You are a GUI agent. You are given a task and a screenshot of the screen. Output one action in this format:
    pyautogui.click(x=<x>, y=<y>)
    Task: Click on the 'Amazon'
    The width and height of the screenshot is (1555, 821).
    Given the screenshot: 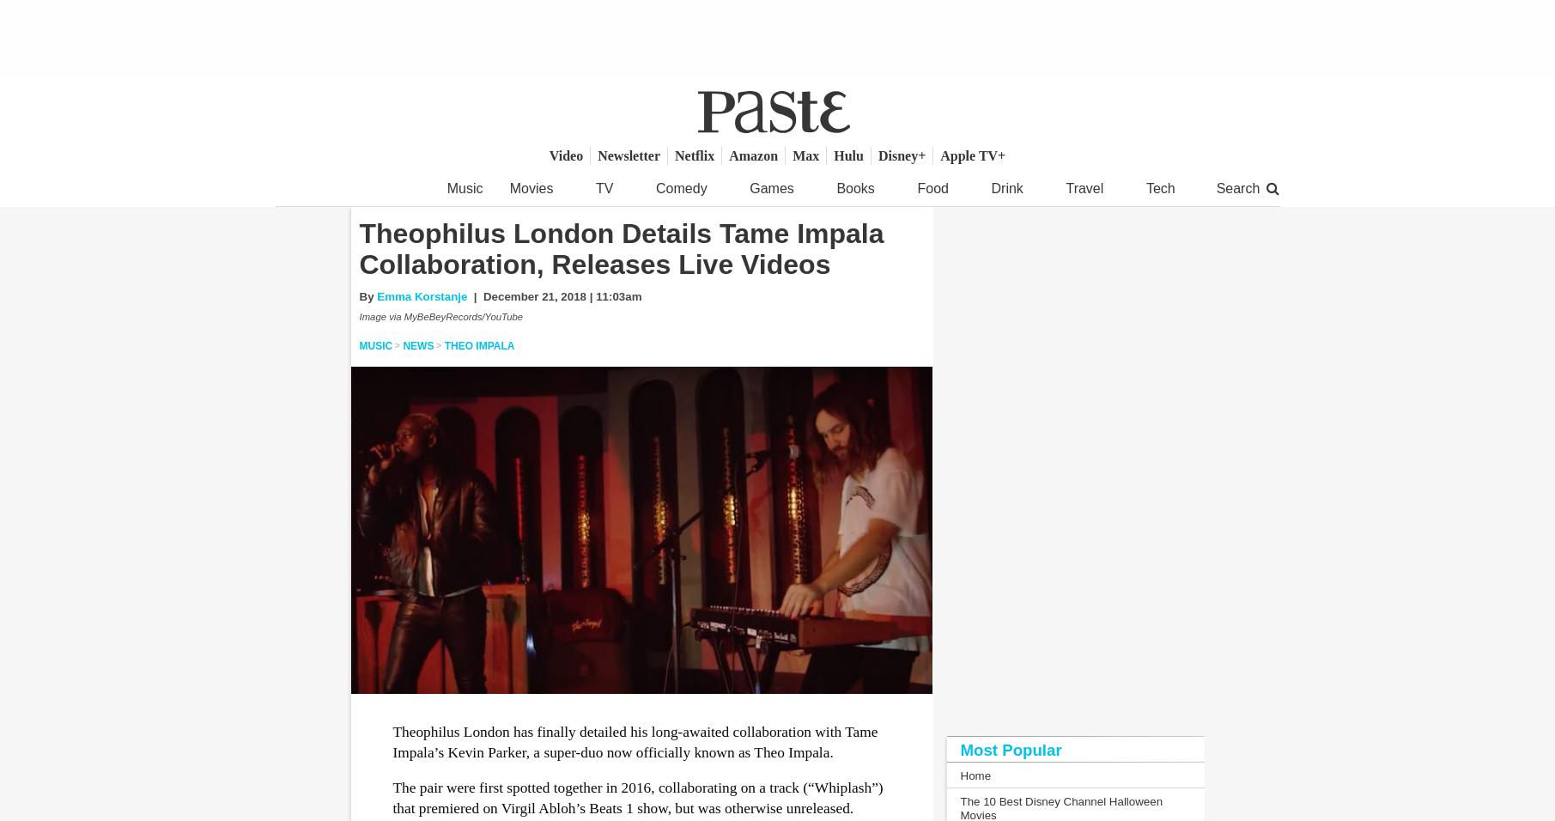 What is the action you would take?
    pyautogui.click(x=728, y=155)
    